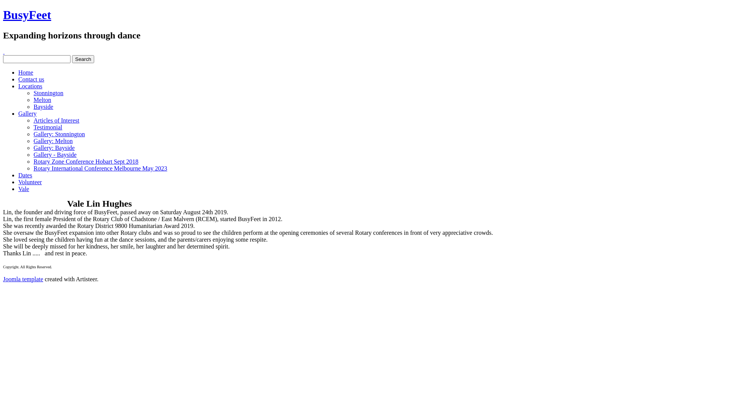 The width and height of the screenshot is (732, 411). I want to click on 'Gallery: Bayside', so click(54, 148).